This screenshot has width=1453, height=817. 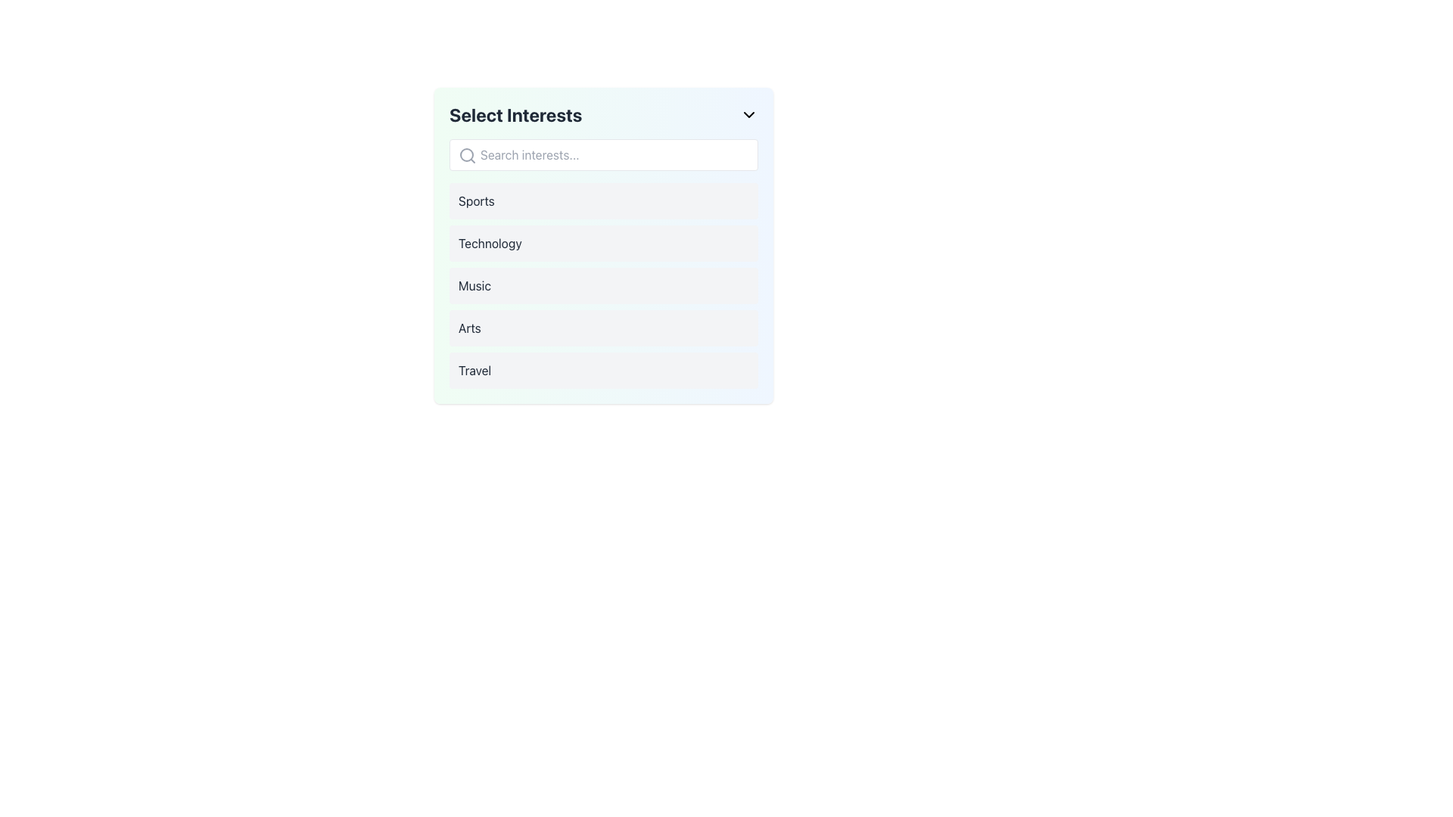 I want to click on the 'Arts' button, which is the fourth item in a vertical list of five buttons, so click(x=602, y=328).